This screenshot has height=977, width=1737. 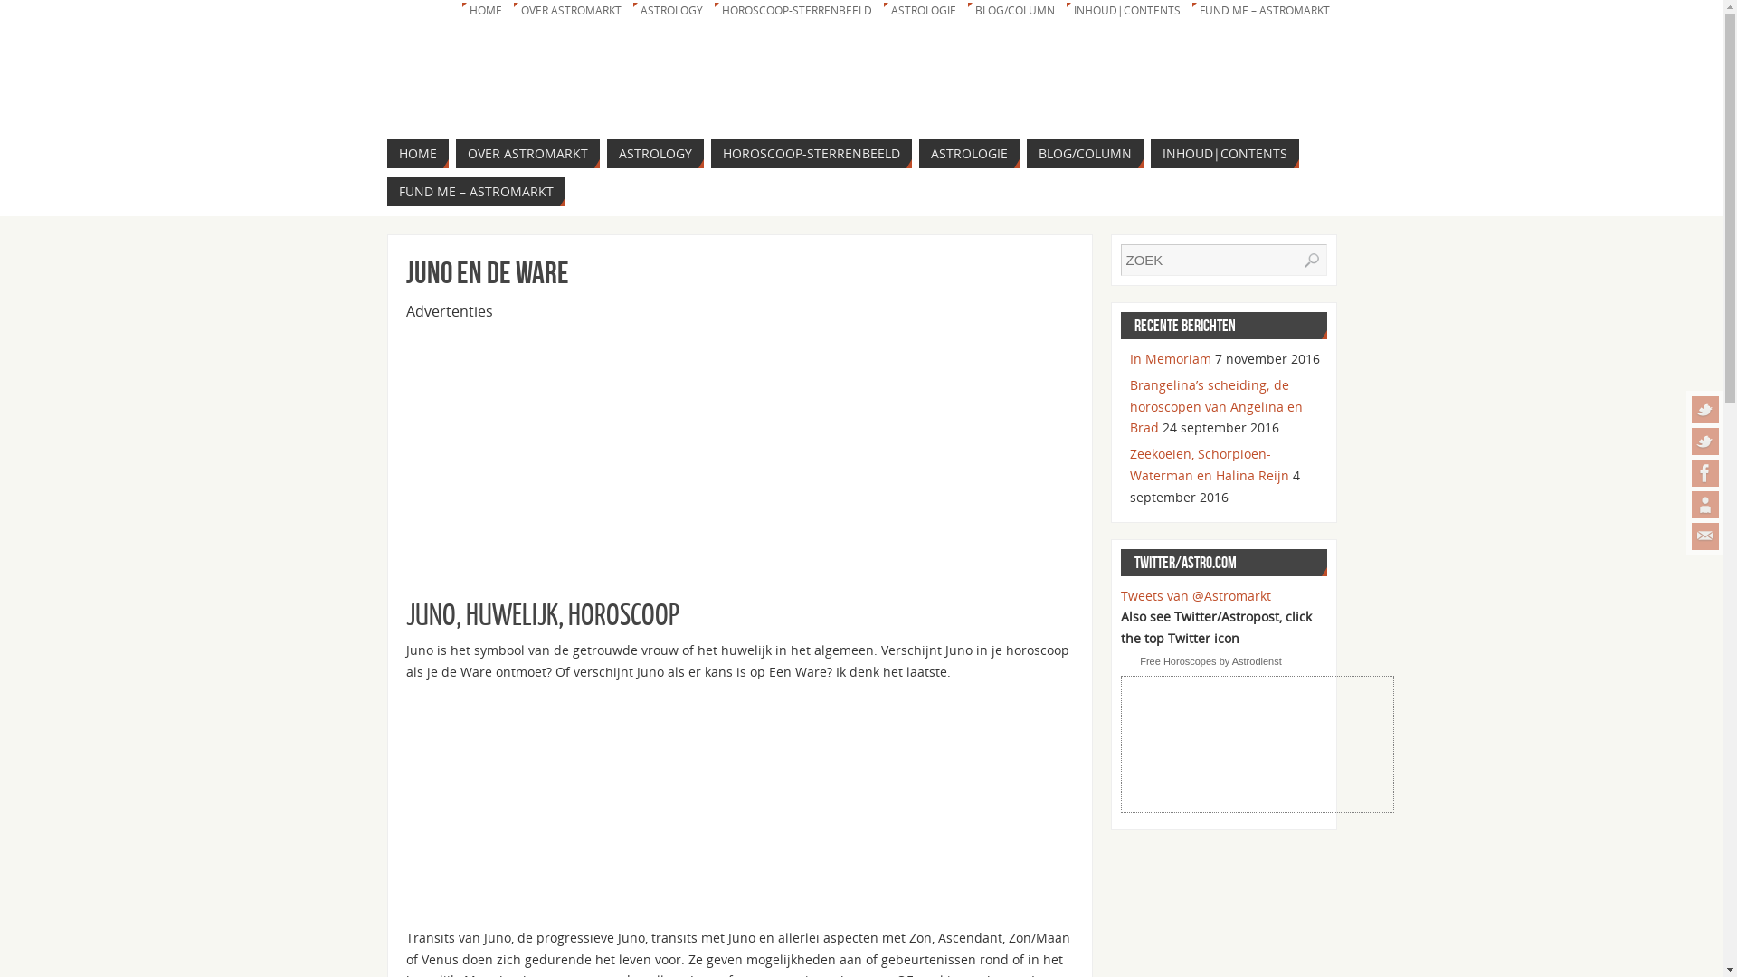 I want to click on 'Zeekoeien, Schorpioen-Waterman en Halina Reijn', so click(x=1128, y=463).